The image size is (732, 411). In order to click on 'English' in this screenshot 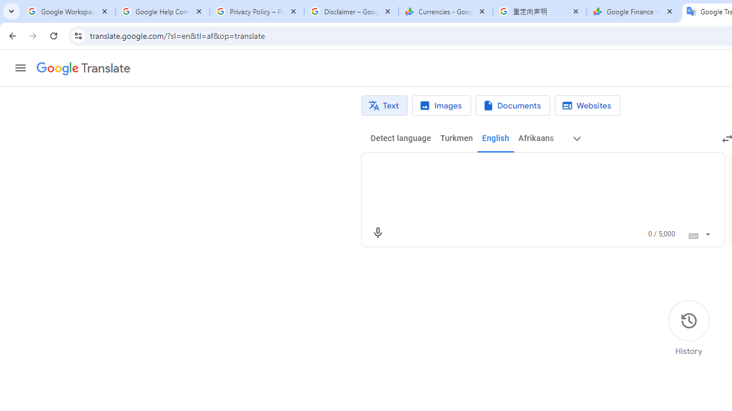, I will do `click(495, 138)`.